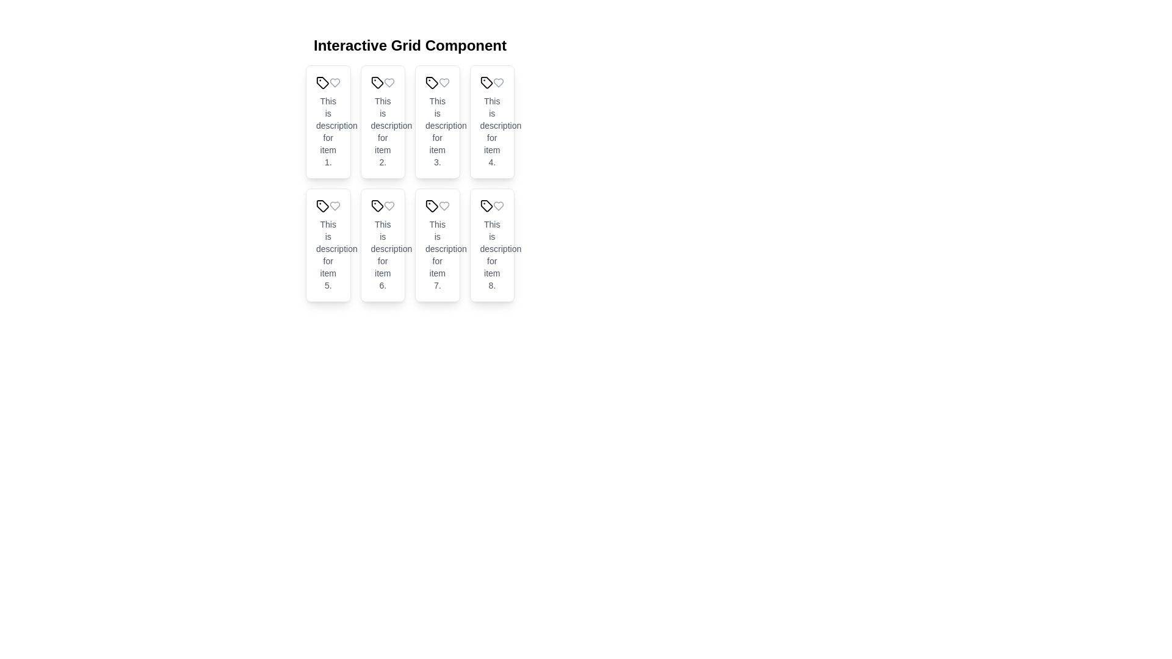 The width and height of the screenshot is (1172, 659). I want to click on the graphical icon resembling a label or tag, which is outlined and positioned within 'Tile 7' on the leftmost side, so click(432, 206).